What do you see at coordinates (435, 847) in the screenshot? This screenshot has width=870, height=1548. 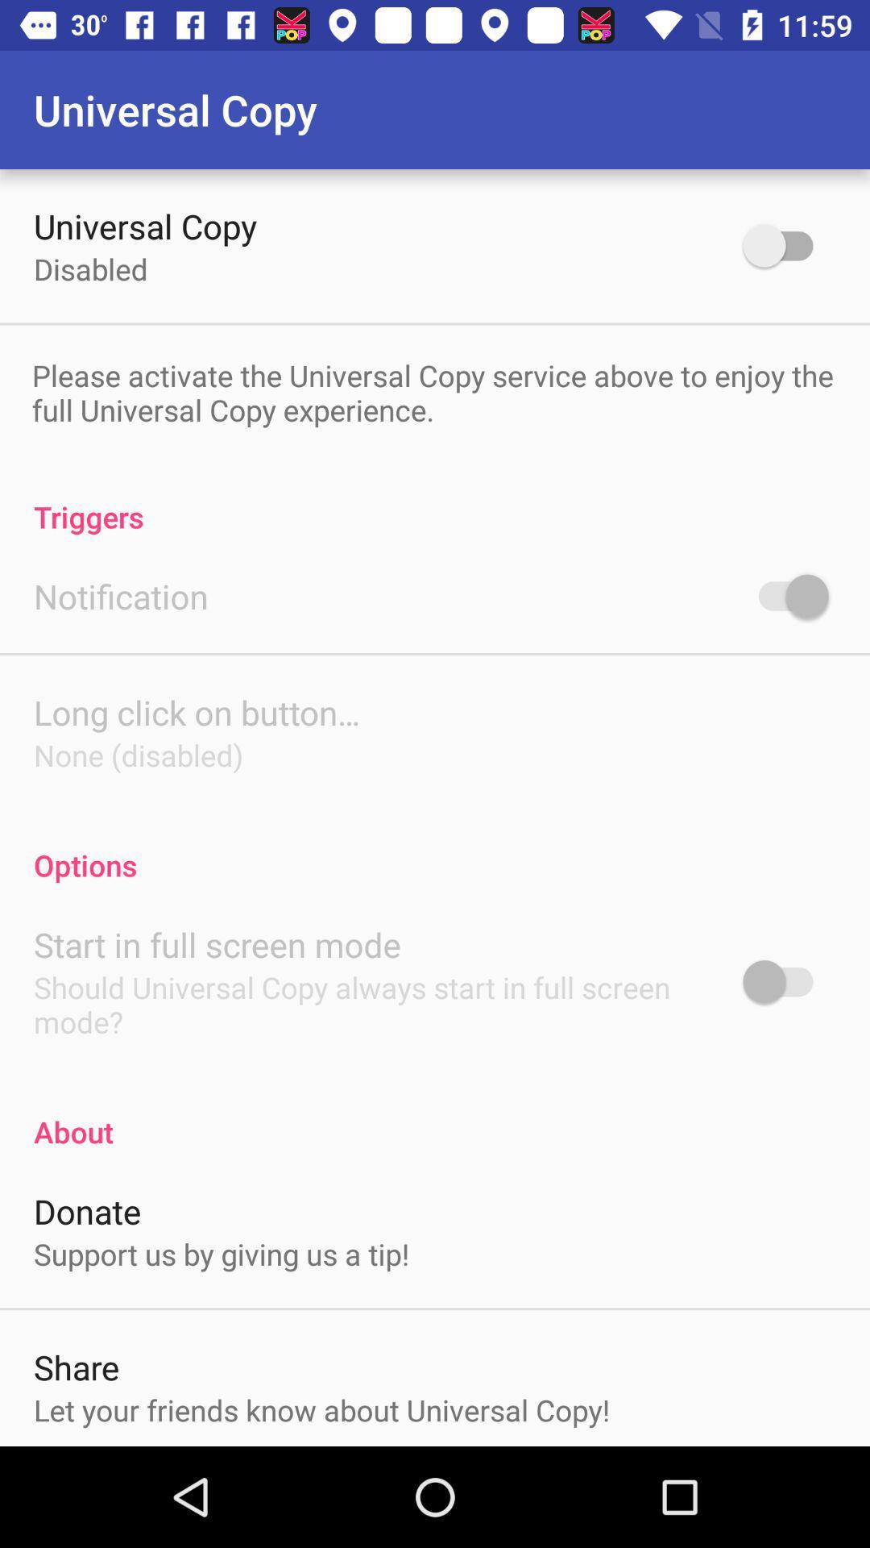 I see `the item above start in full` at bounding box center [435, 847].